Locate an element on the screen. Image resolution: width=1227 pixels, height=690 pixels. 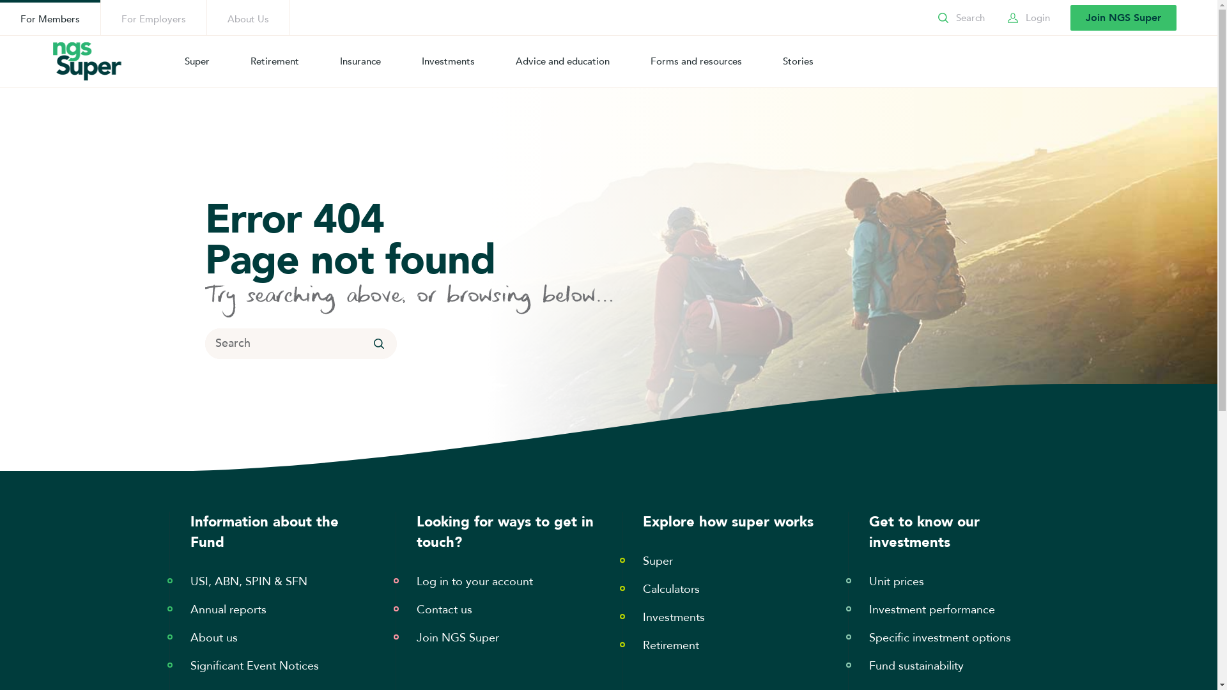
'Annual reports' is located at coordinates (189, 609).